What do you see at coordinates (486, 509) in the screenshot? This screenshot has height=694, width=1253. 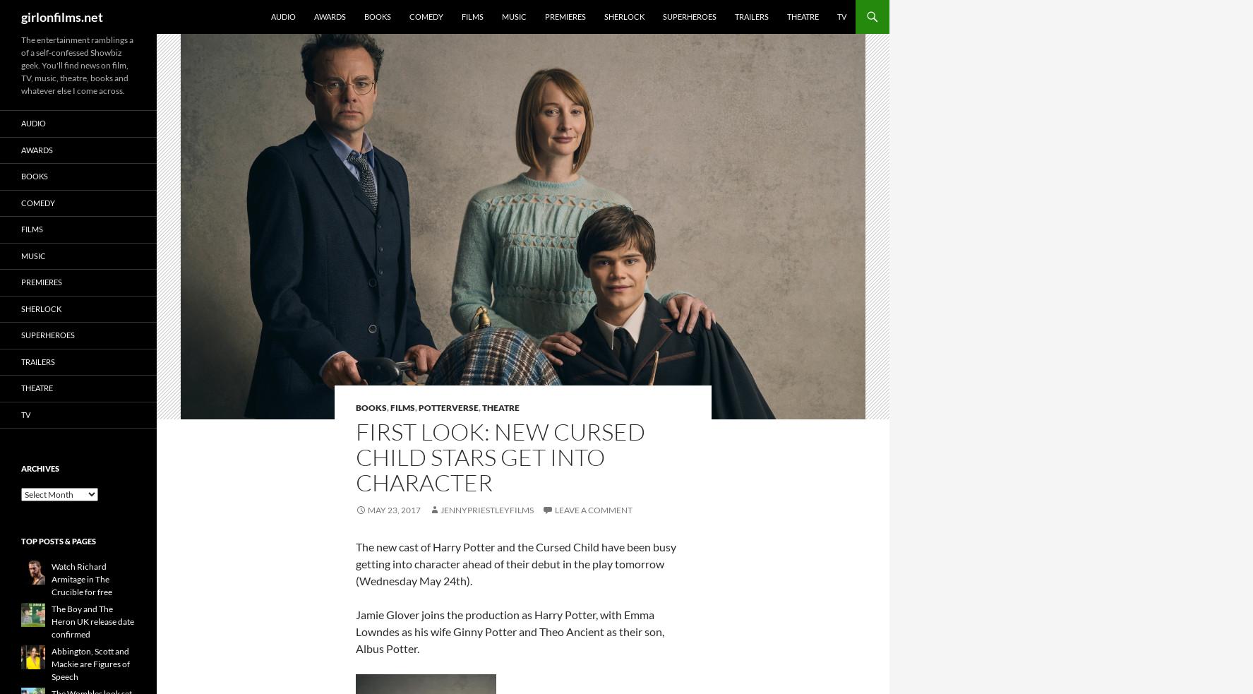 I see `'jennypriestleyfilms'` at bounding box center [486, 509].